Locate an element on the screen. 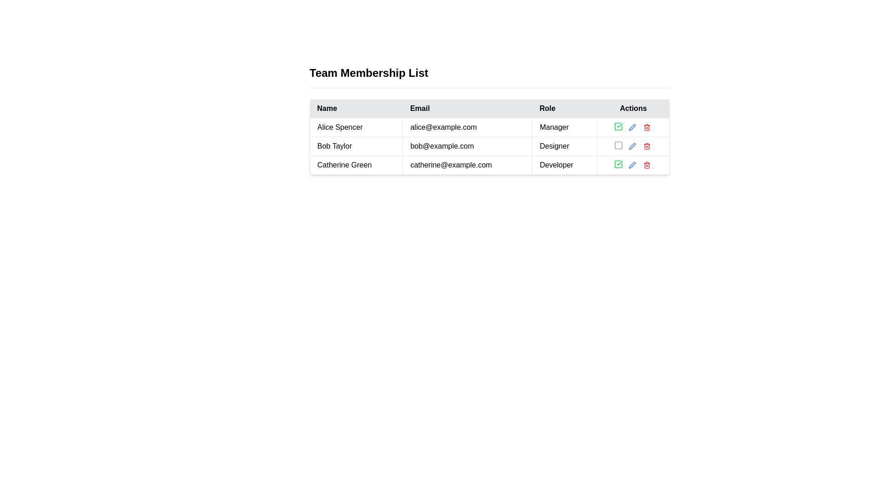 The height and width of the screenshot is (497, 883). the Text Display element showing the email address 'bob@example.com', which is located in the second column of the second row in the 'Team Membership List' table is located at coordinates (467, 145).